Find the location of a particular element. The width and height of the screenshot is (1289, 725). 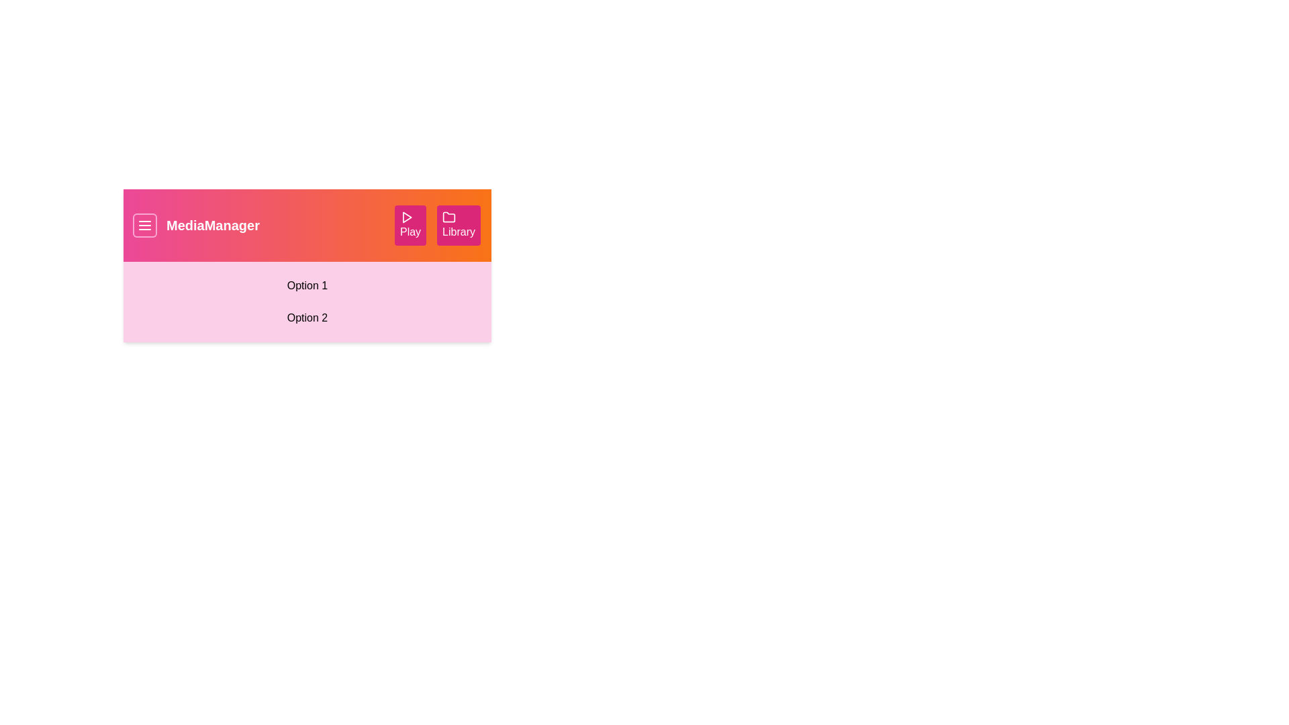

the menu option Option 2 is located at coordinates (306, 318).